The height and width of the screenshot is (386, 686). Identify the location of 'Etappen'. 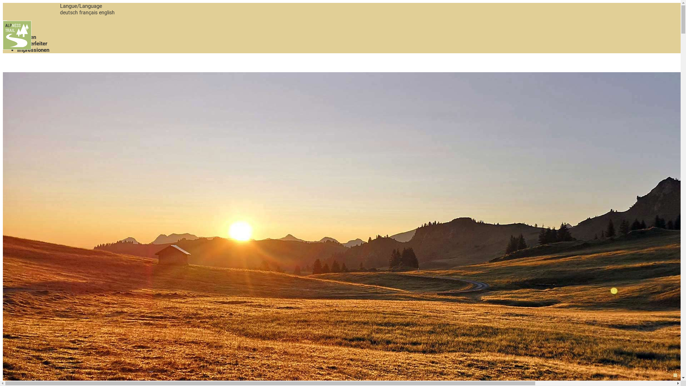
(26, 37).